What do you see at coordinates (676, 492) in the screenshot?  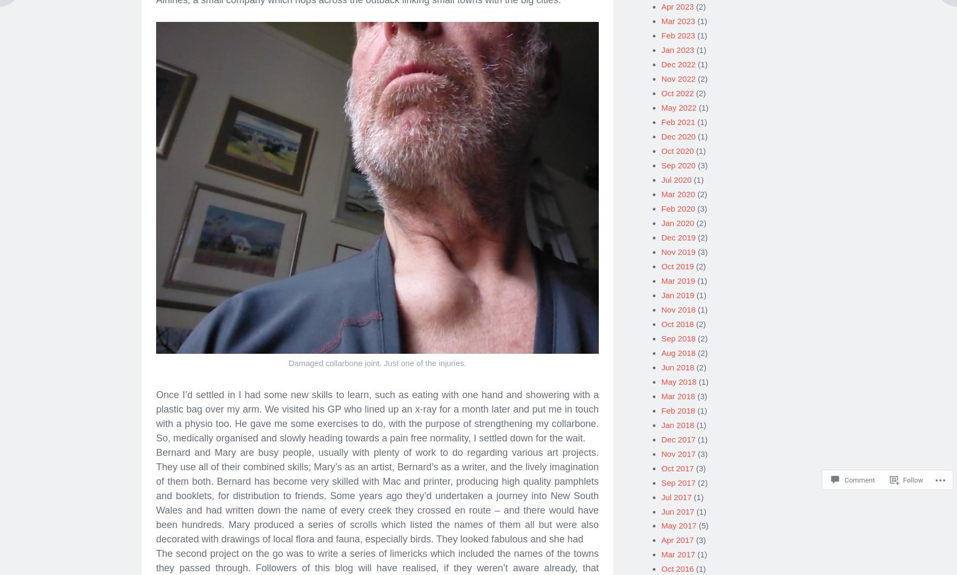 I see `'Jul 2017'` at bounding box center [676, 492].